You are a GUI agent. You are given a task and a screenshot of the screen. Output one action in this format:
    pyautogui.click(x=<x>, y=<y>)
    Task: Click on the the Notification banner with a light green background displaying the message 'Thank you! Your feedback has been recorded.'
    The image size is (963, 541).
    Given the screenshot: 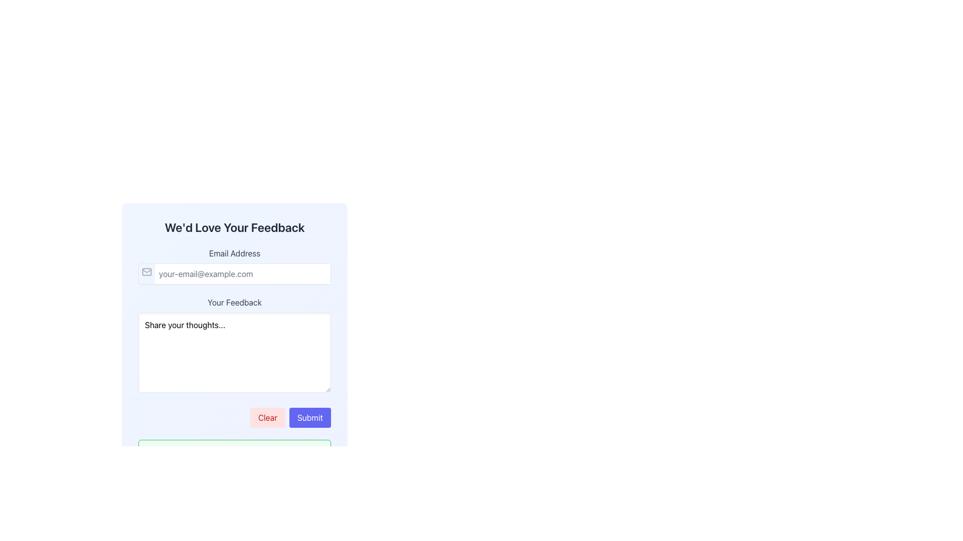 What is the action you would take?
    pyautogui.click(x=234, y=460)
    